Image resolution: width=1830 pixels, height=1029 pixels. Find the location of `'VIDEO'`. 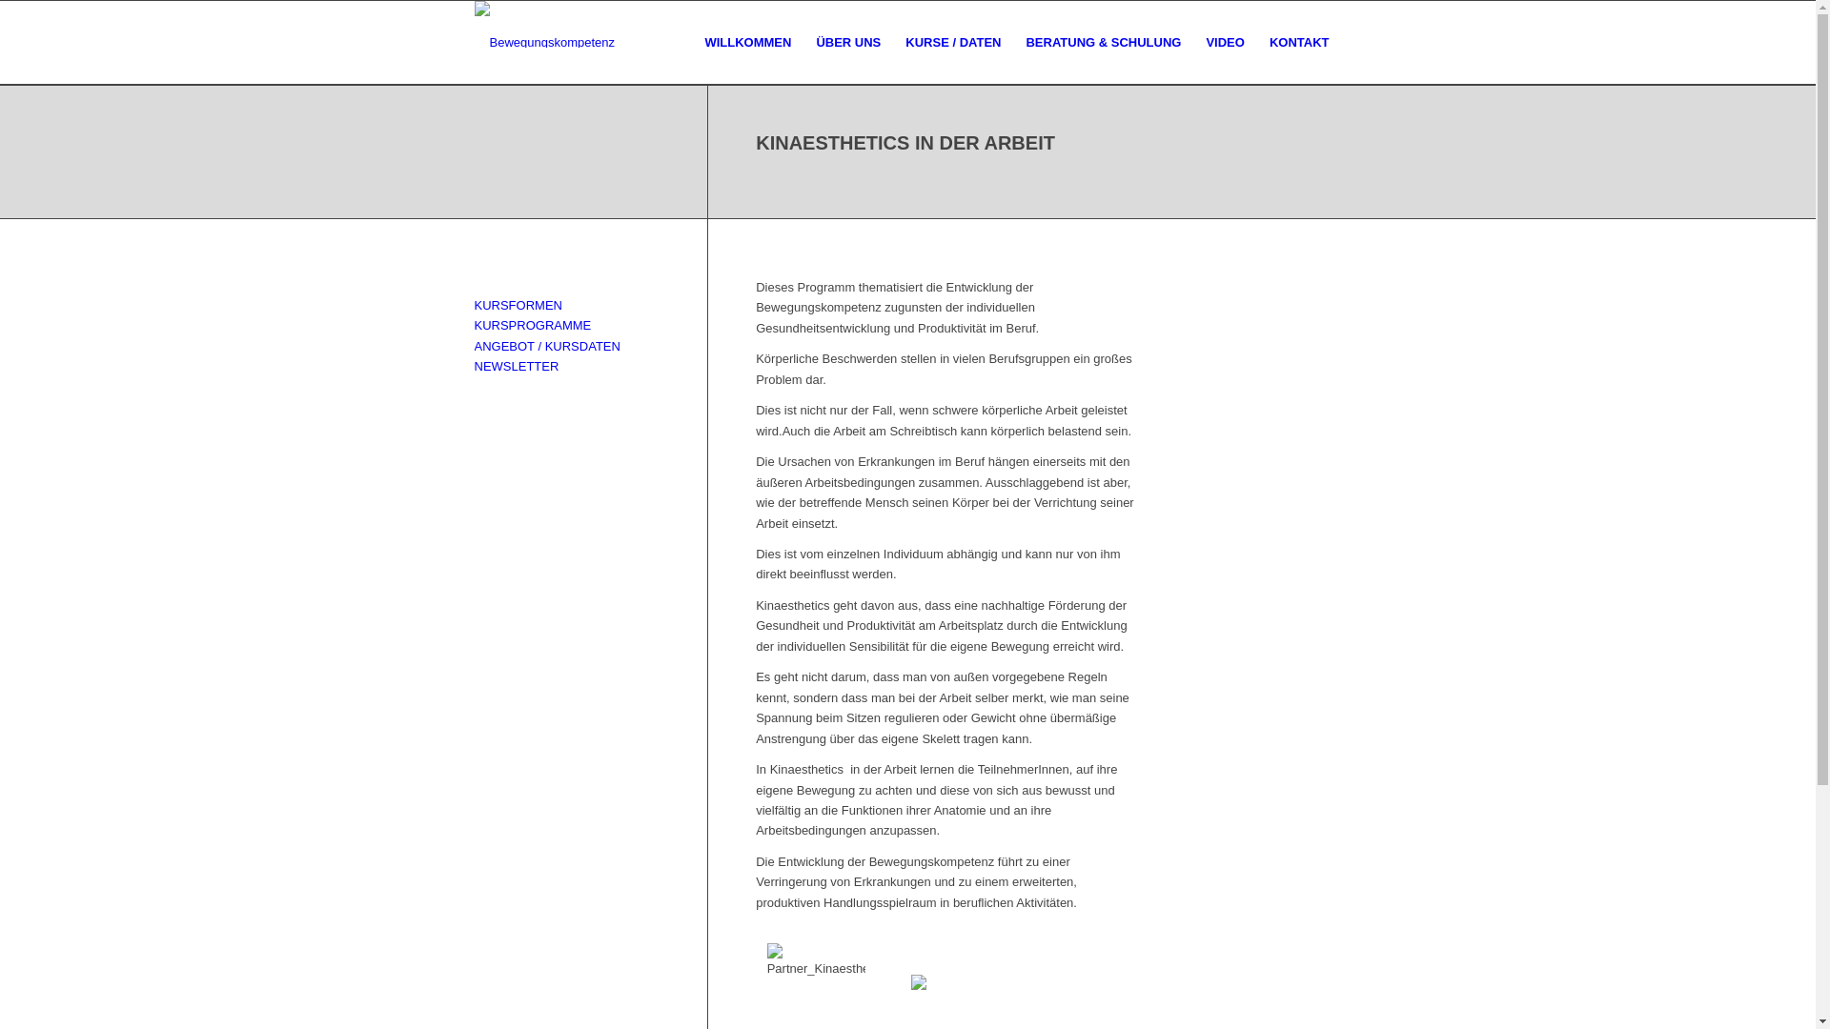

'VIDEO' is located at coordinates (1225, 43).